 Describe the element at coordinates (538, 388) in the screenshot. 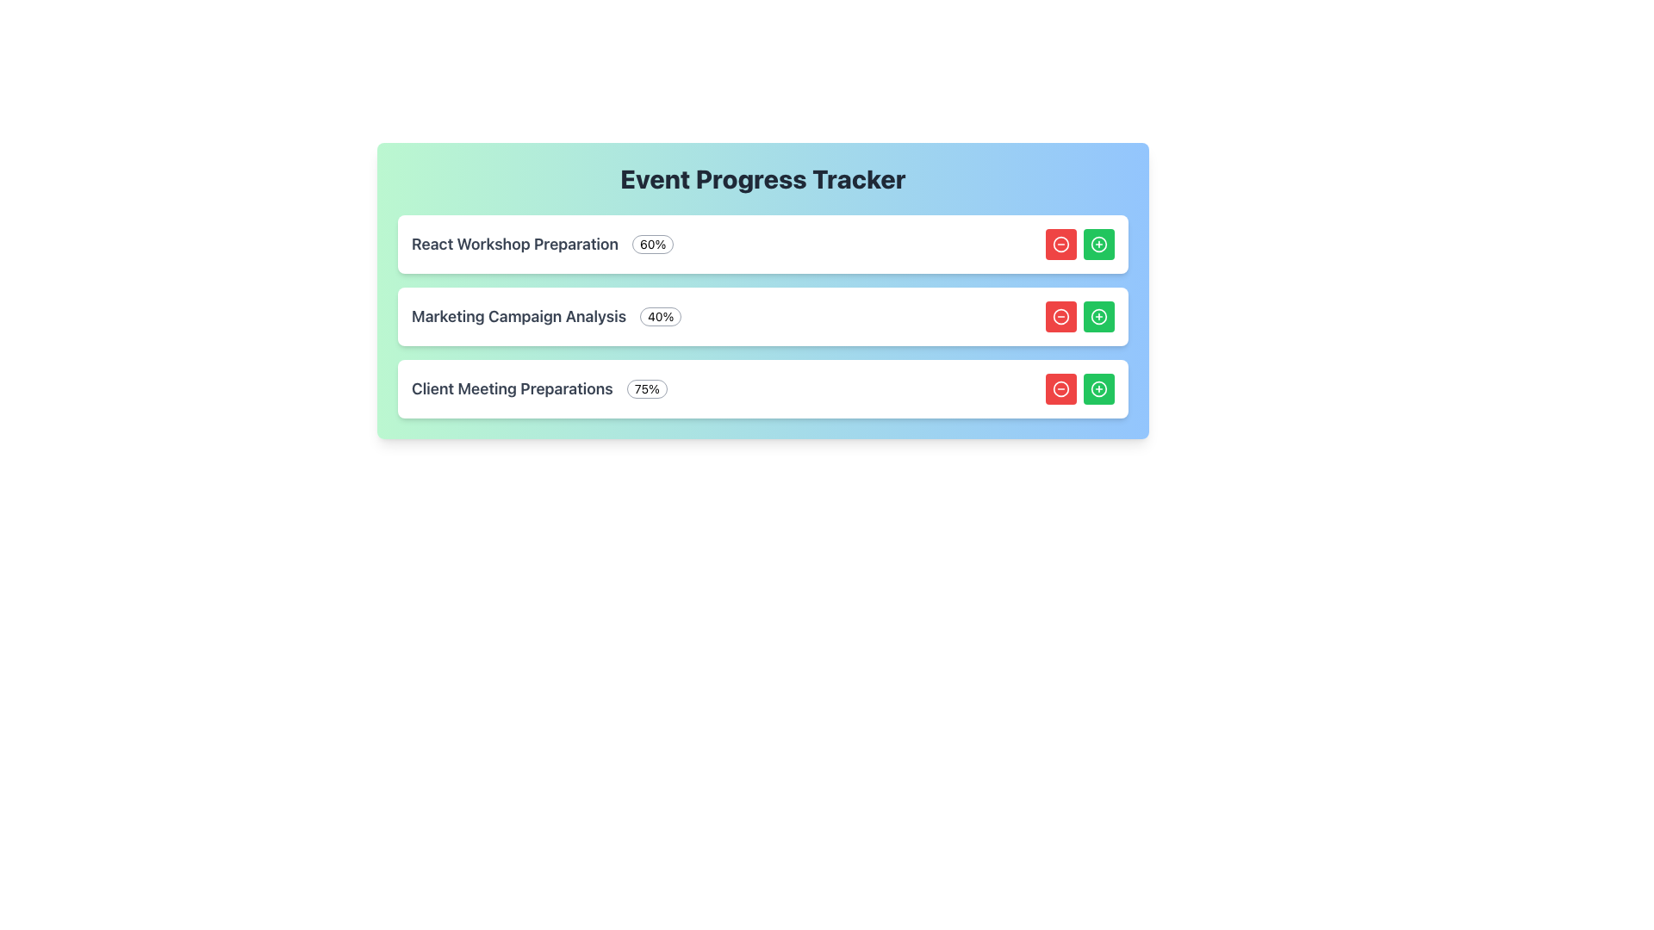

I see `displayed text of the Progress item labeled 'Client Meeting Preparations' with a percentage of '75%', which is the third item in the vertical list of progress items` at that location.